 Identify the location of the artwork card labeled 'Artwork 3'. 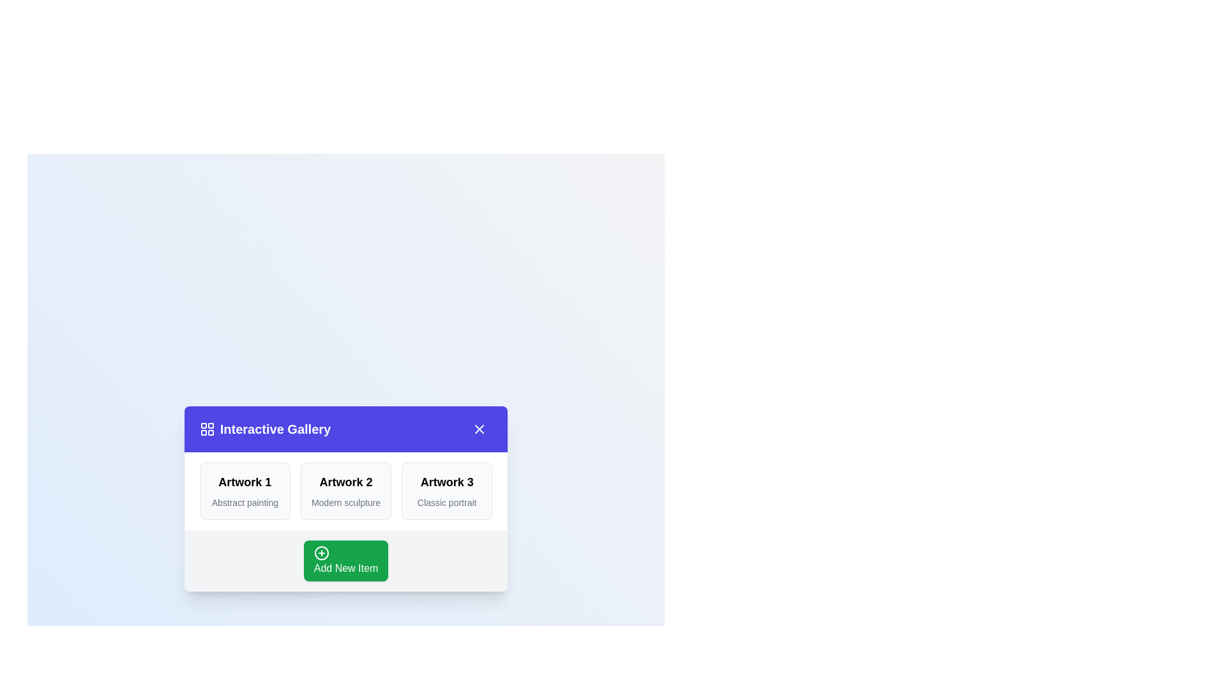
(447, 490).